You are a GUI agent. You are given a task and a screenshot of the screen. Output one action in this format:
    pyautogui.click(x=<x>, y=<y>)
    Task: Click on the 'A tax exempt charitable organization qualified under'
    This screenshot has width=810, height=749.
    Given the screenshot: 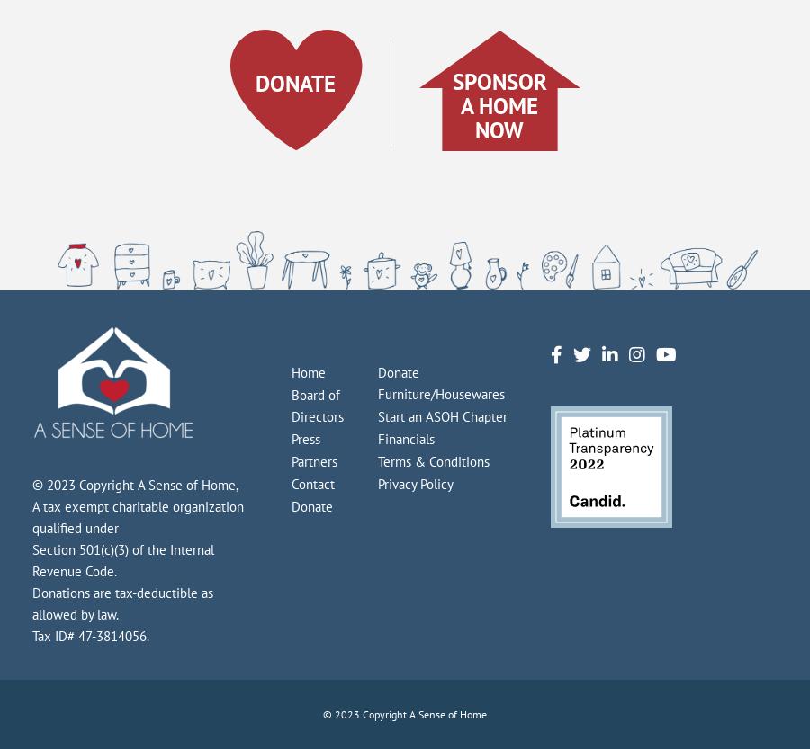 What is the action you would take?
    pyautogui.click(x=138, y=516)
    